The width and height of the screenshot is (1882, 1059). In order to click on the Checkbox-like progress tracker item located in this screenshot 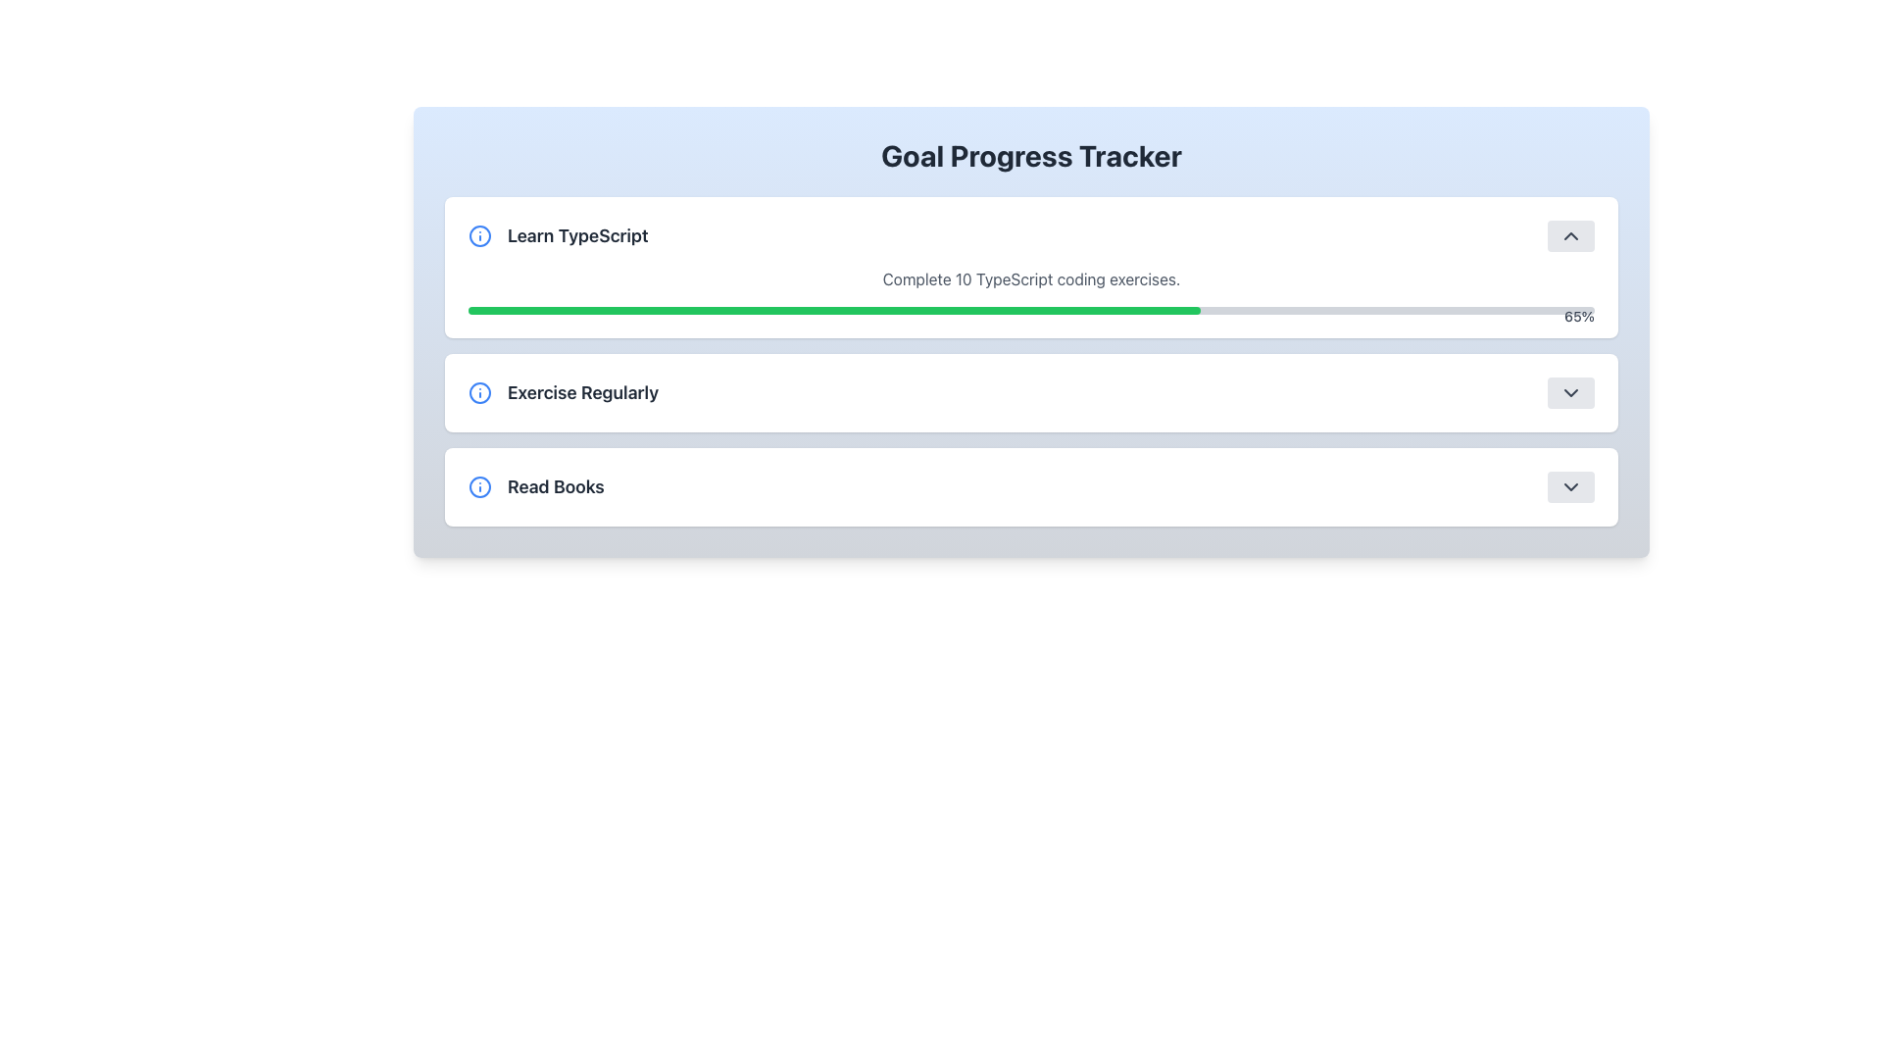, I will do `click(1030, 393)`.